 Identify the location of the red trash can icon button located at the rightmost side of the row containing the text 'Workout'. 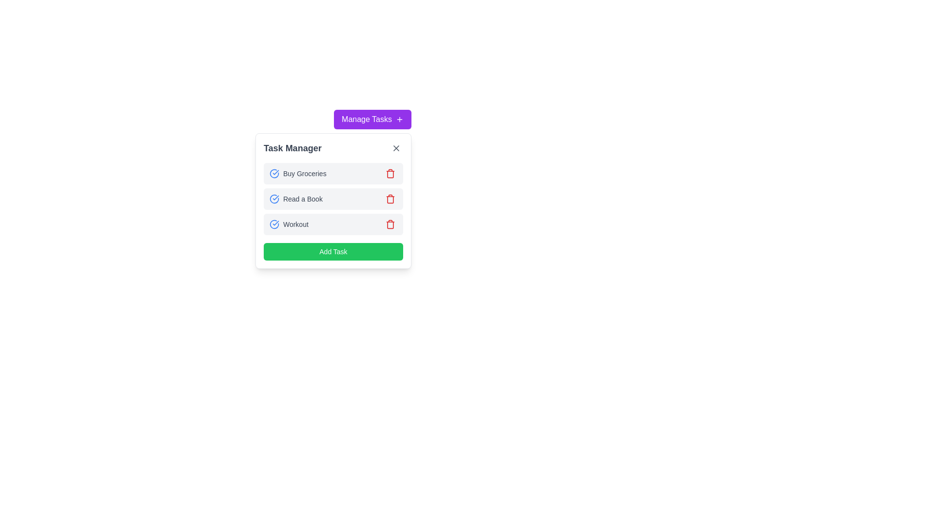
(390, 224).